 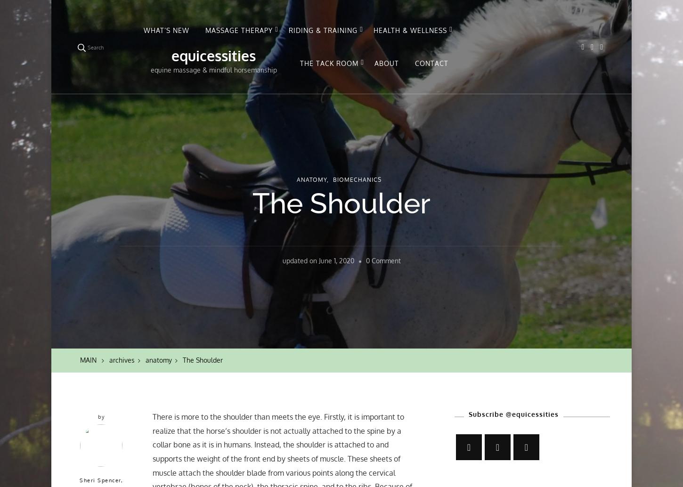 What do you see at coordinates (389, 174) in the screenshot?
I see `'Lameness'` at bounding box center [389, 174].